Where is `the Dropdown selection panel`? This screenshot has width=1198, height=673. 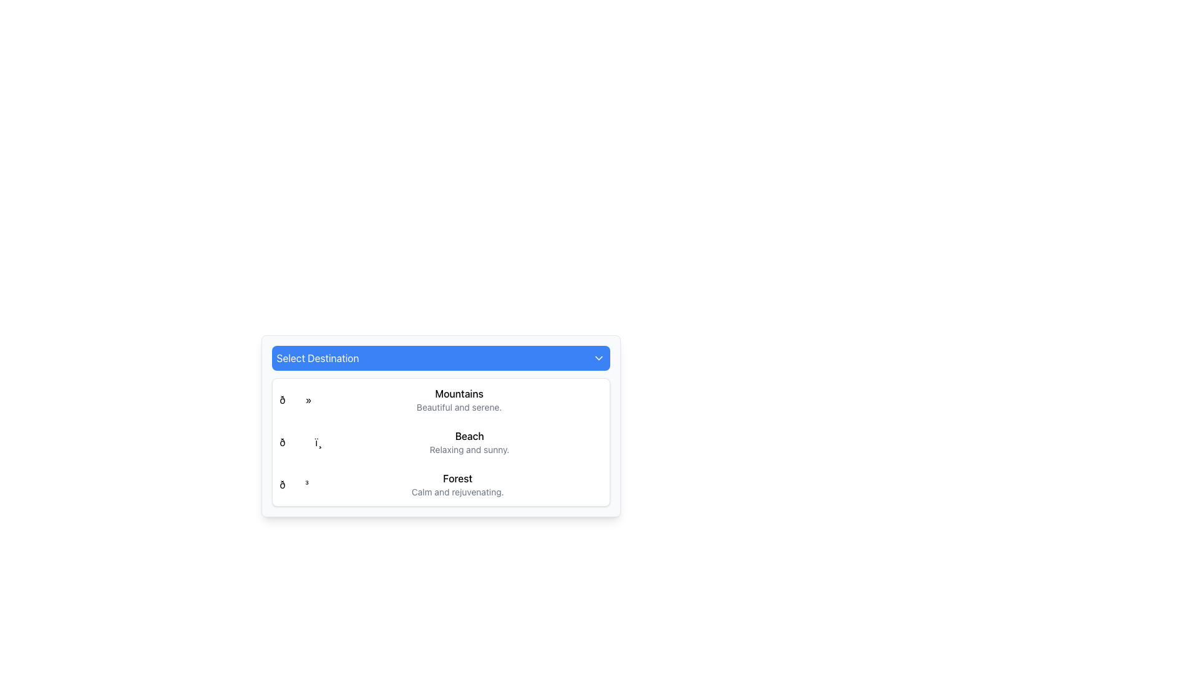
the Dropdown selection panel is located at coordinates (441, 425).